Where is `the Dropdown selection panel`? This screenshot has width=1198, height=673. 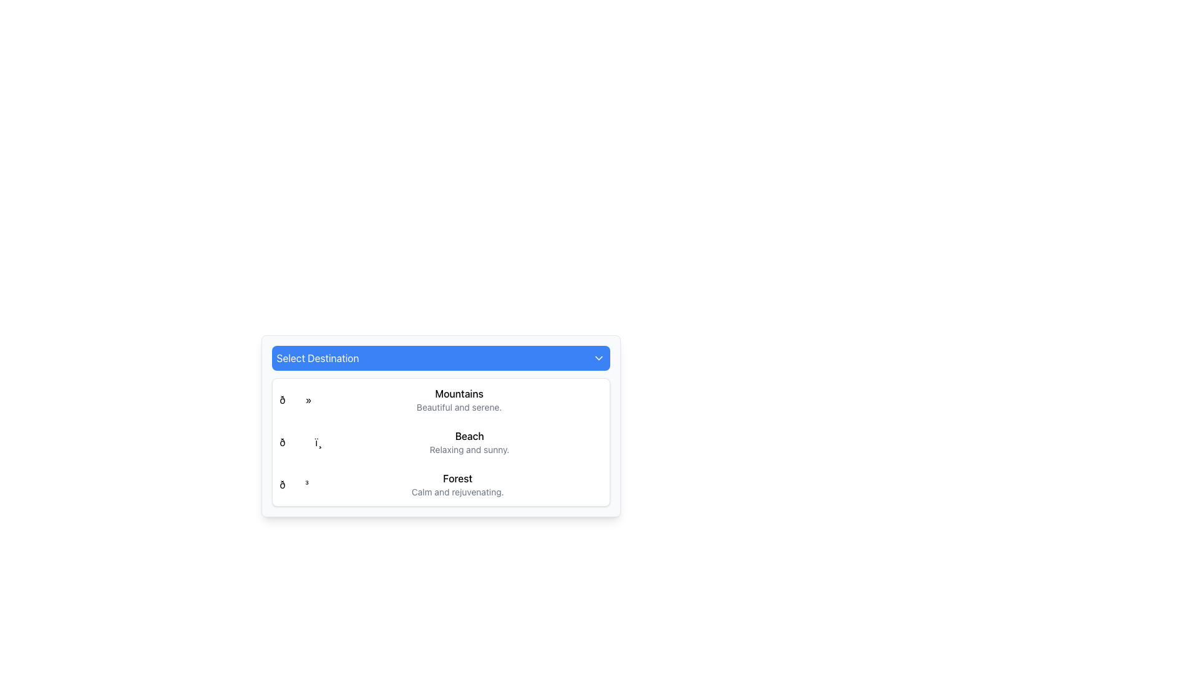
the Dropdown selection panel is located at coordinates (441, 425).